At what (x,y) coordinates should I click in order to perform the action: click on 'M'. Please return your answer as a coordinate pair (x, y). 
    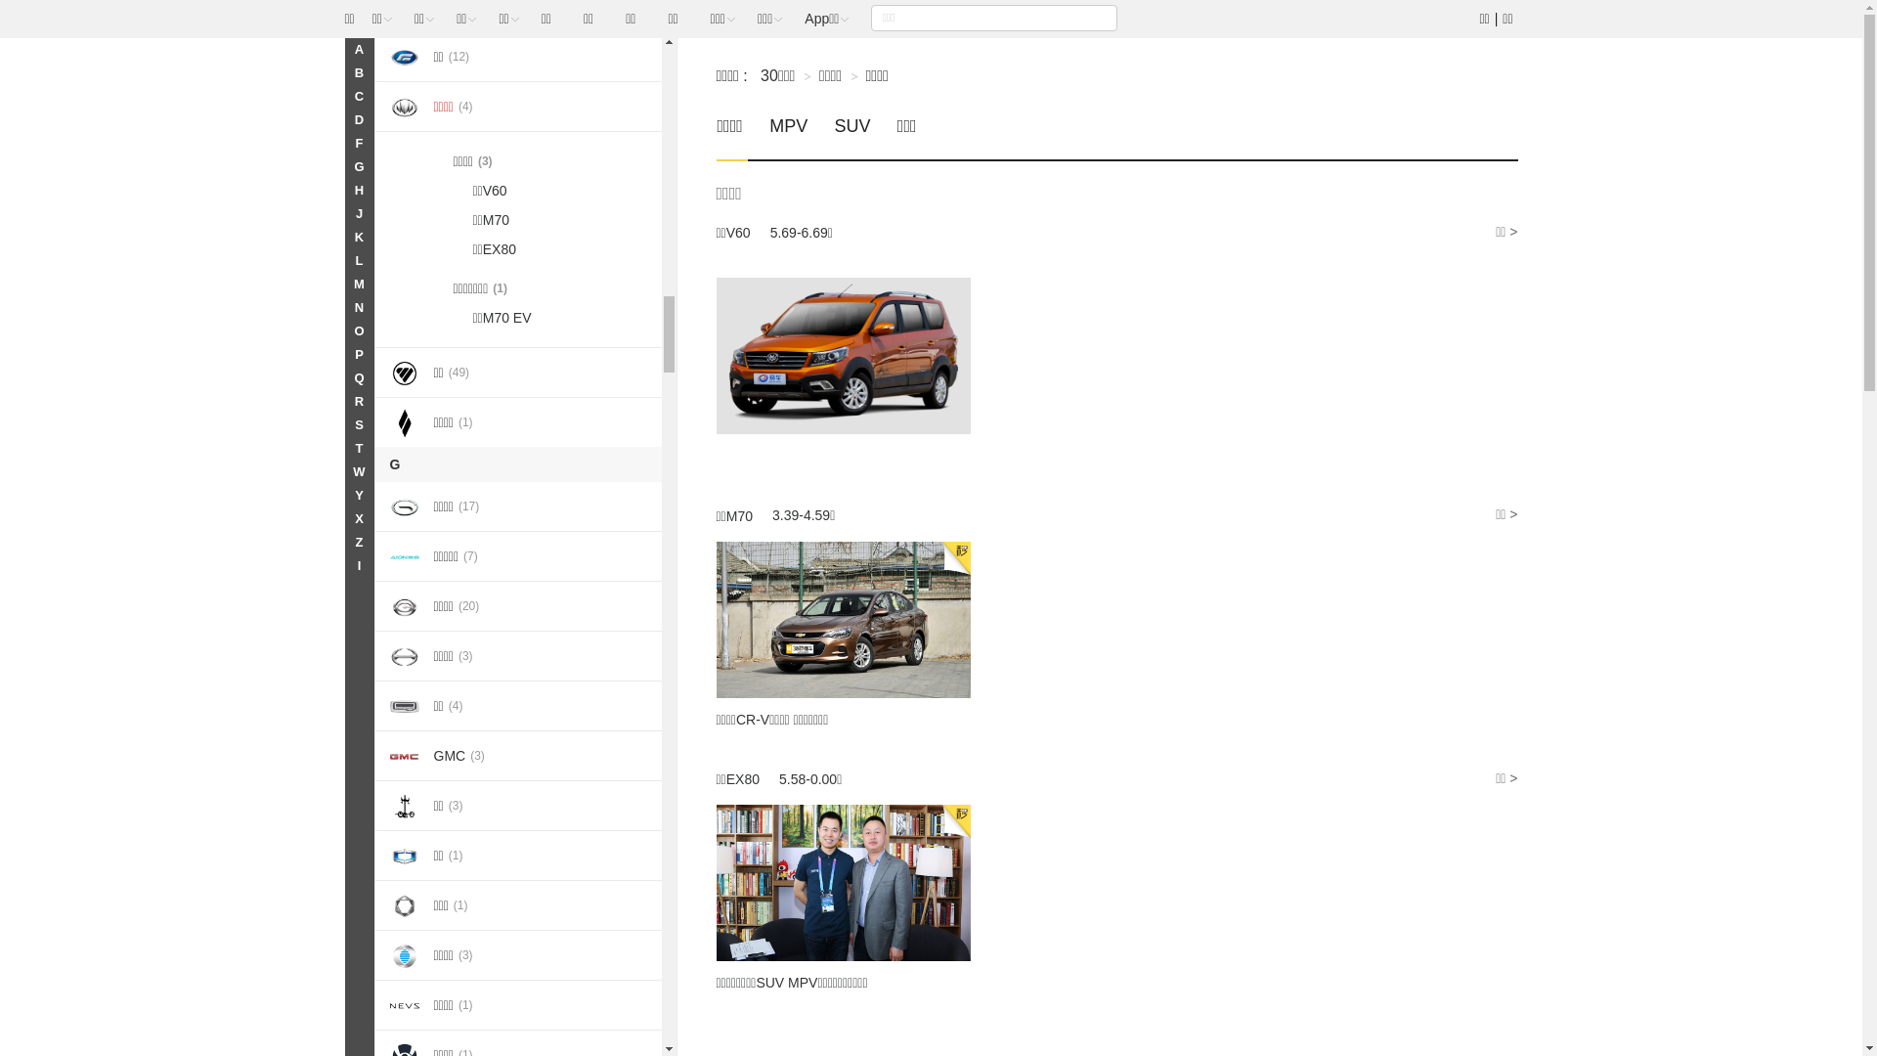
    Looking at the image, I should click on (358, 284).